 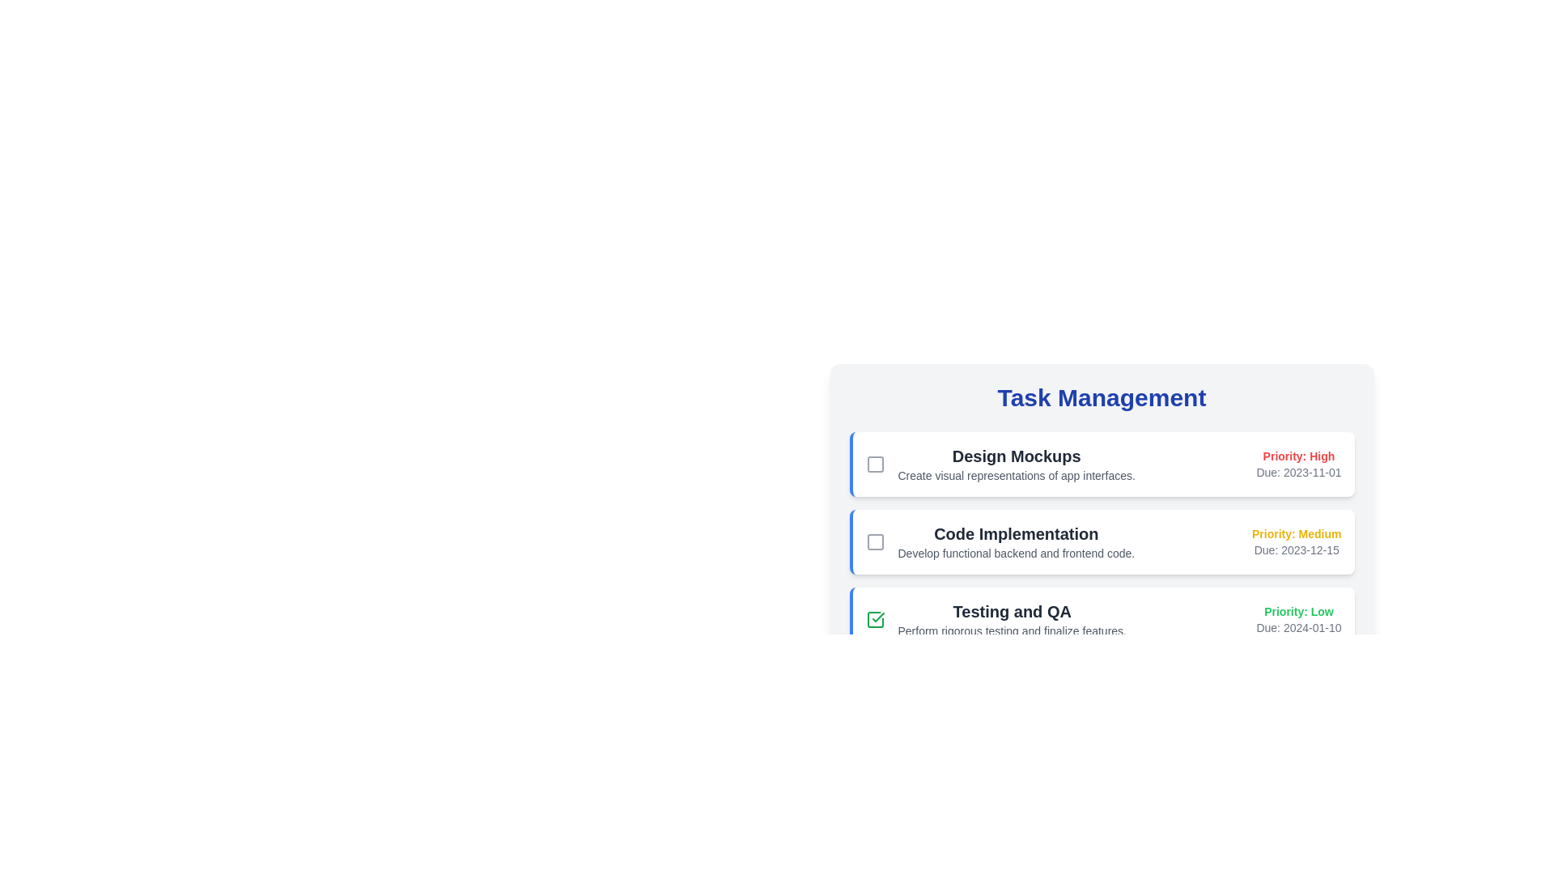 What do you see at coordinates (999, 542) in the screenshot?
I see `the checkbox adjacent to the 'Code Implementation' label to read the task details for understanding` at bounding box center [999, 542].